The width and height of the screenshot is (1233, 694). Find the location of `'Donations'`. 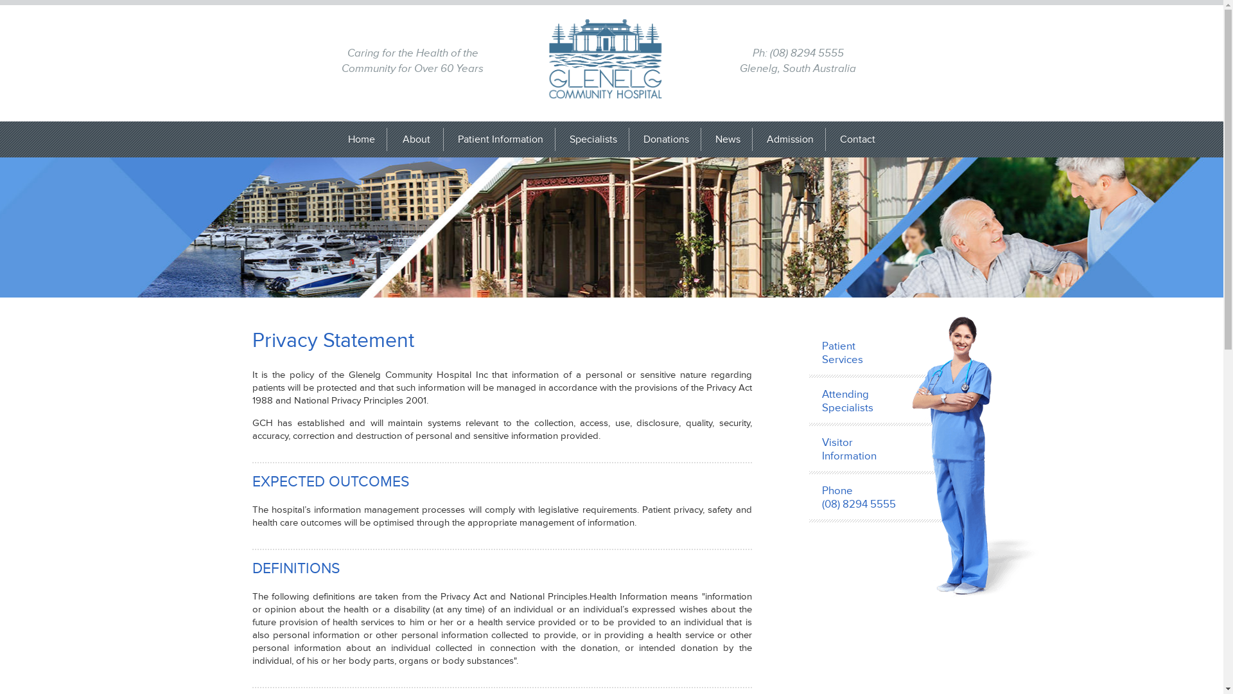

'Donations' is located at coordinates (666, 139).